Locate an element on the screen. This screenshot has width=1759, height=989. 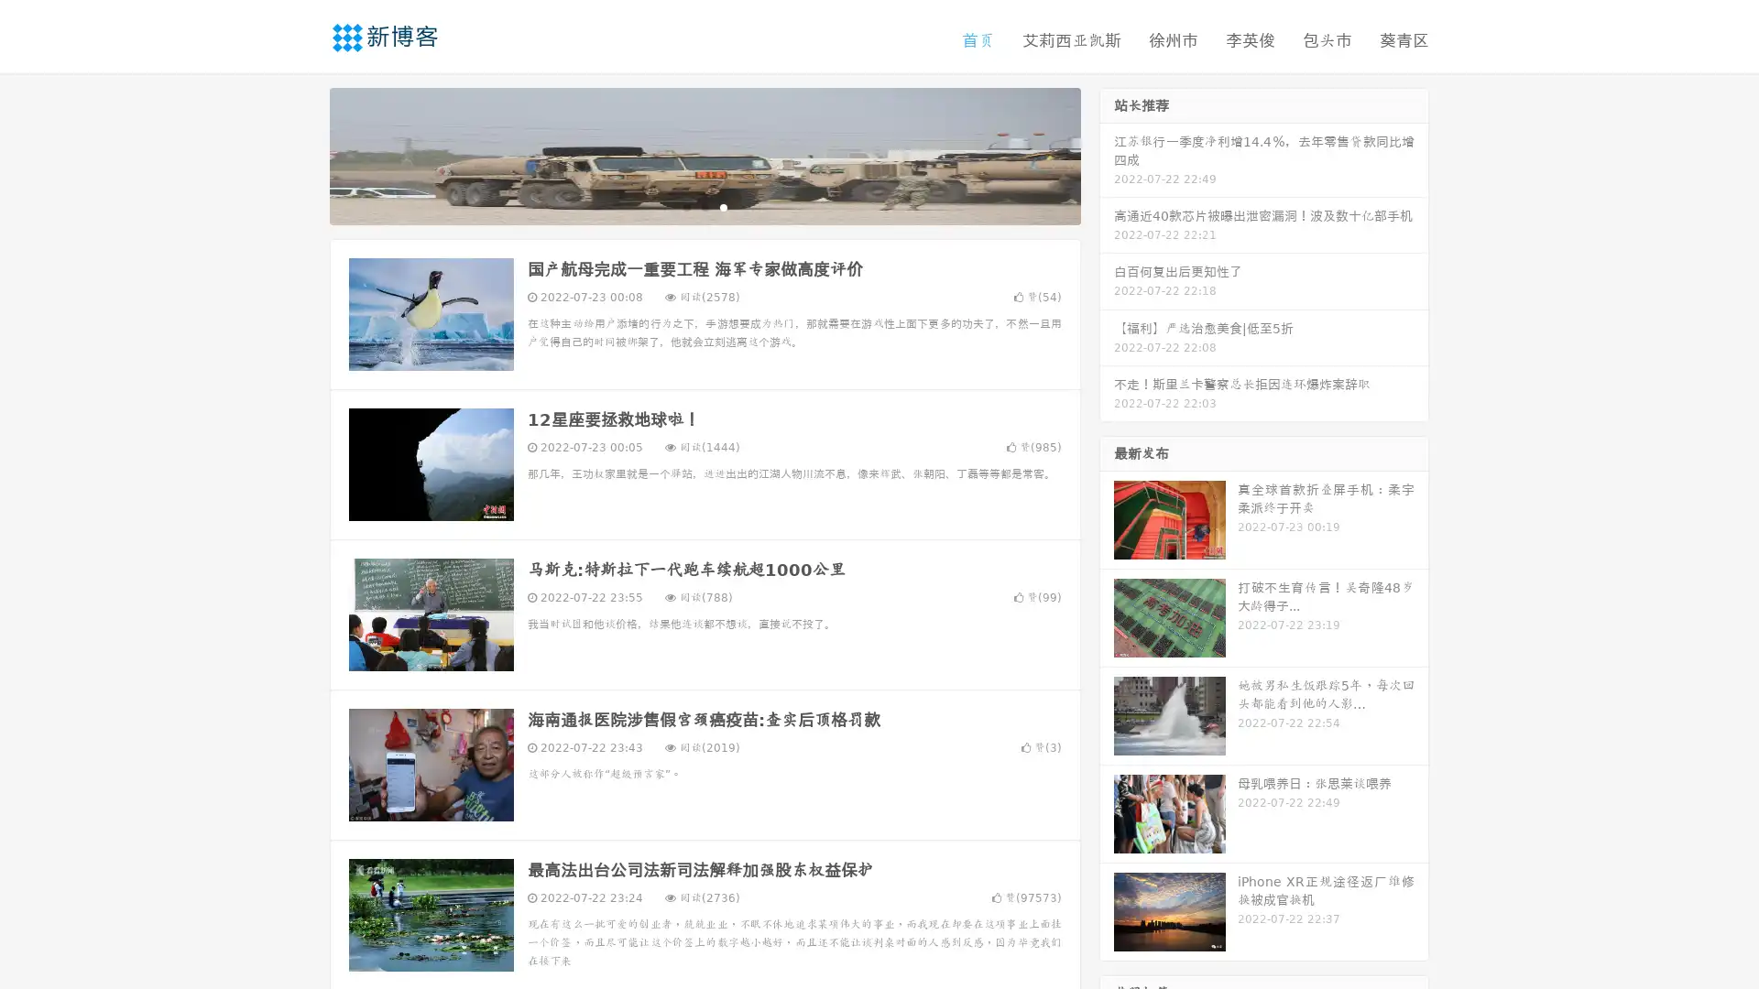
Next slide is located at coordinates (1107, 154).